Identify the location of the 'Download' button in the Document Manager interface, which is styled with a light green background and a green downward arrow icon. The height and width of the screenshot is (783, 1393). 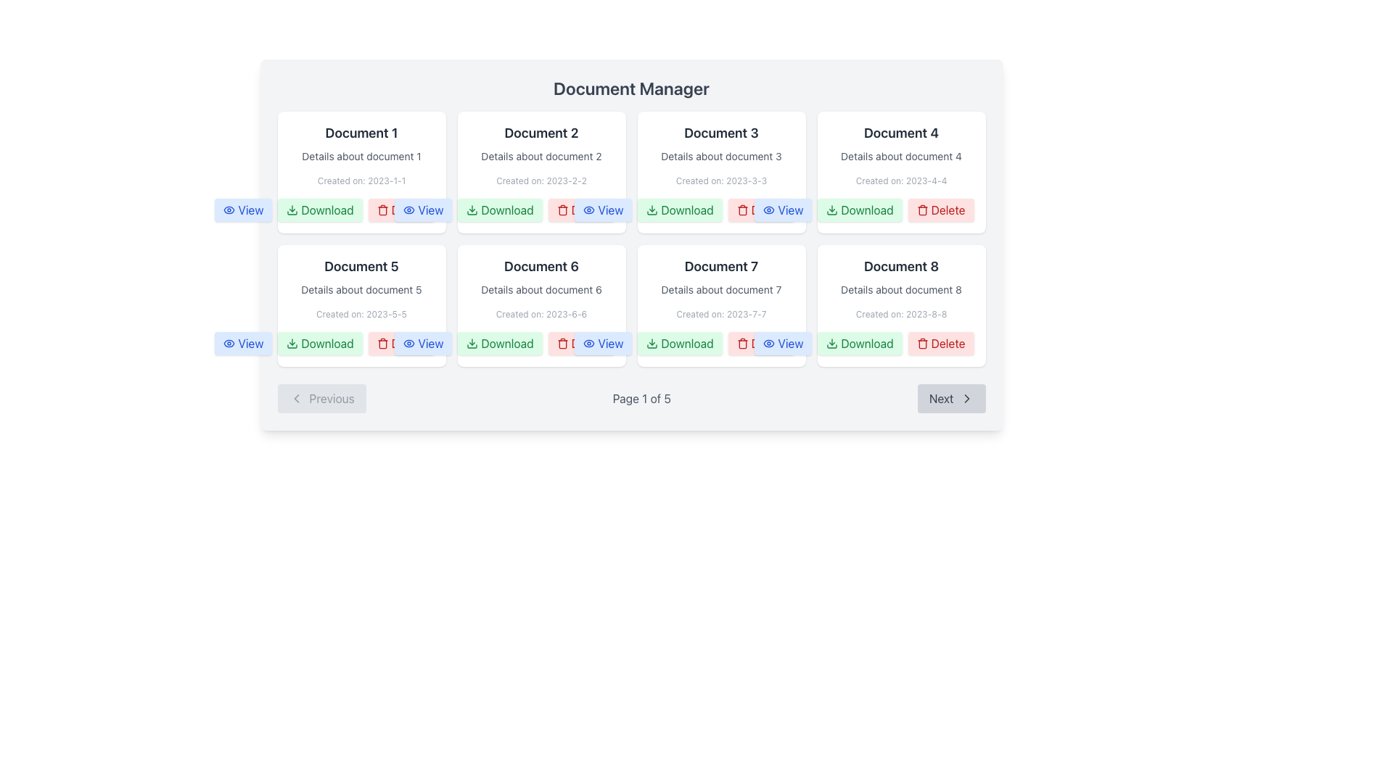
(319, 344).